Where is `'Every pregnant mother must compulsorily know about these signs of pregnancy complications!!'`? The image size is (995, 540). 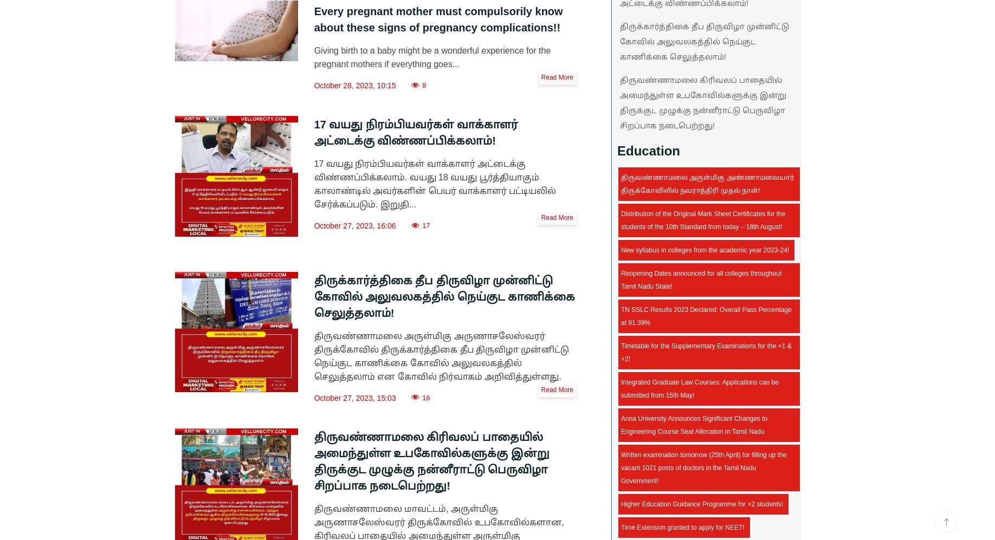 'Every pregnant mother must compulsorily know about these signs of pregnancy complications!!' is located at coordinates (438, 19).